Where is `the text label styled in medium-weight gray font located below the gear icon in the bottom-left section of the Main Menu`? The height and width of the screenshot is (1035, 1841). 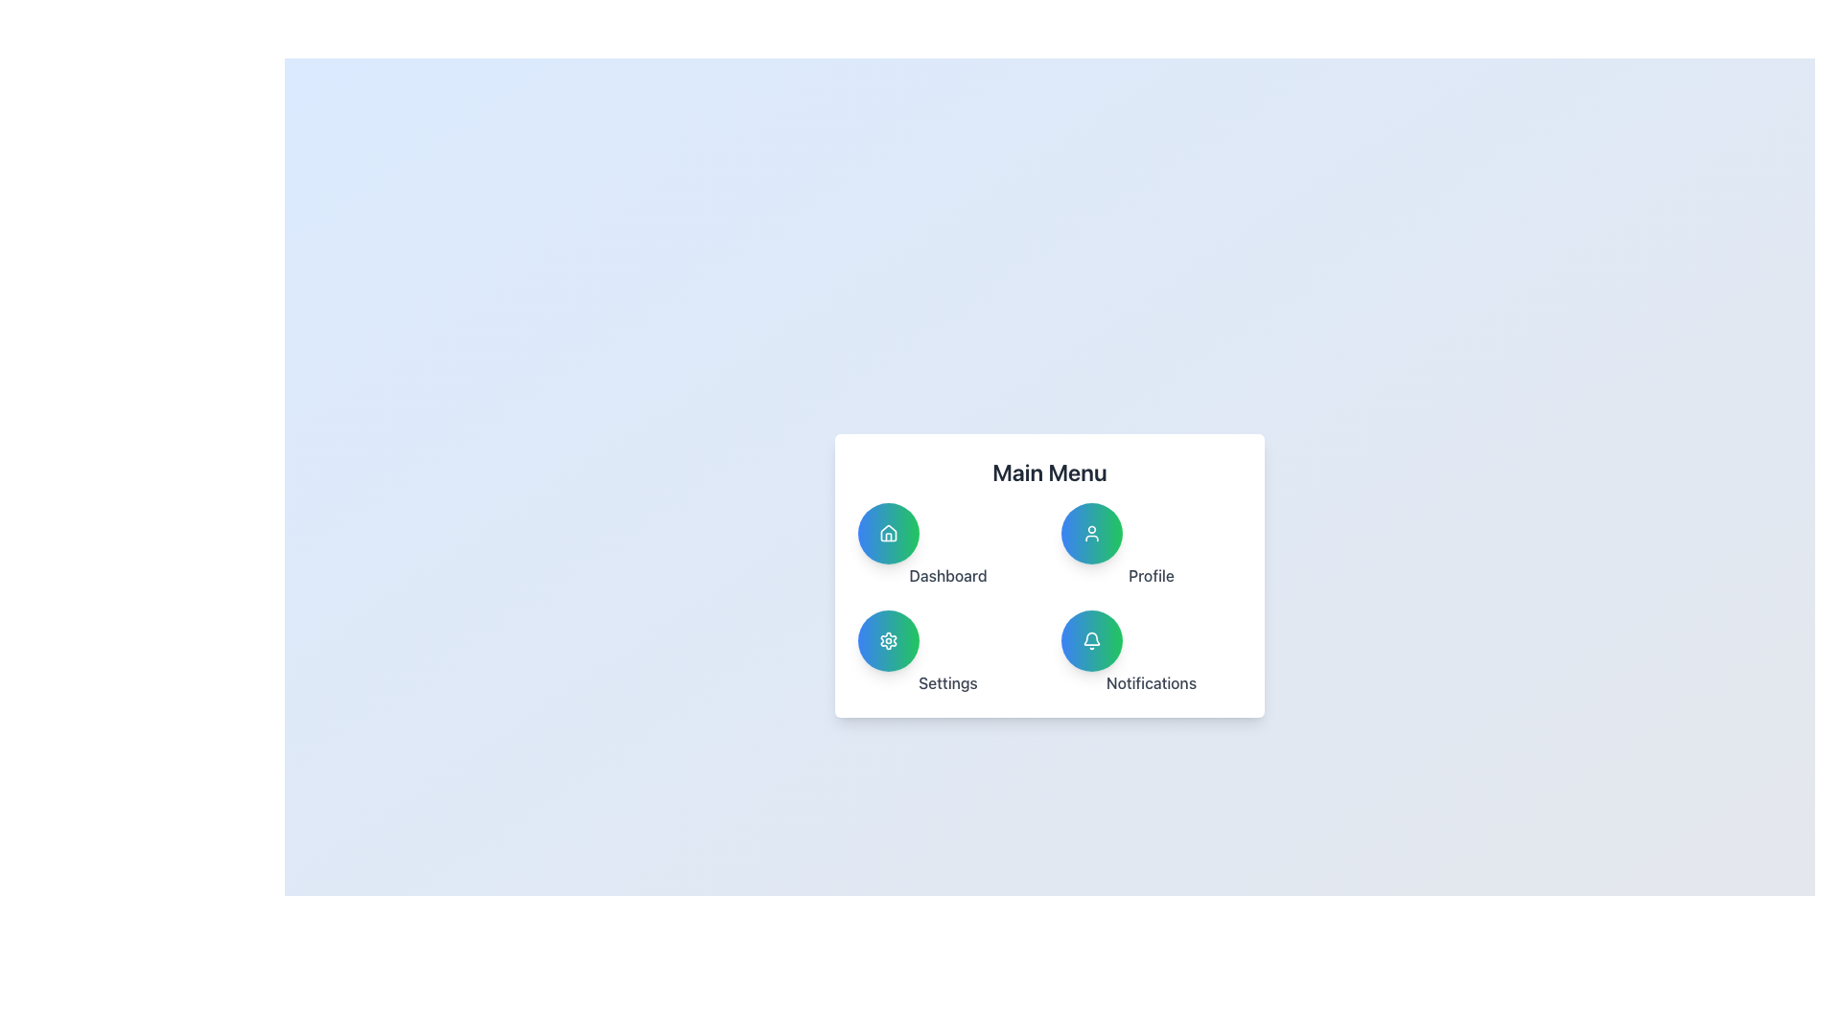 the text label styled in medium-weight gray font located below the gear icon in the bottom-left section of the Main Menu is located at coordinates (947, 682).